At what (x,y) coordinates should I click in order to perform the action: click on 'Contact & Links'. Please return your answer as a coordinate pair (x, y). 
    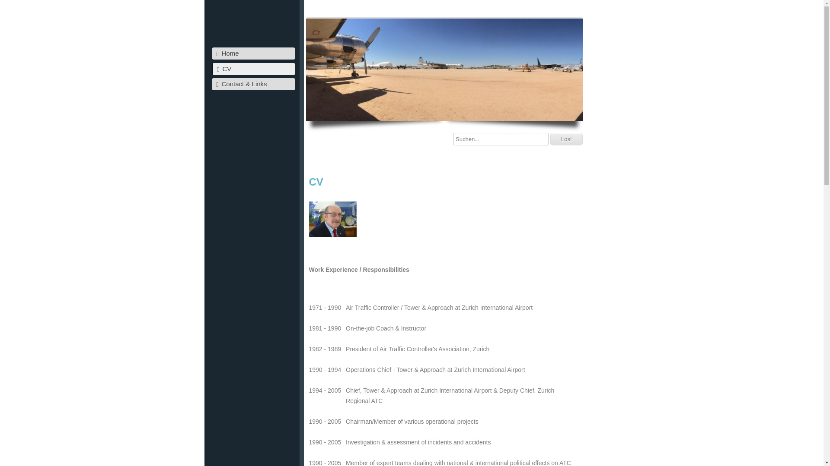
    Looking at the image, I should click on (253, 84).